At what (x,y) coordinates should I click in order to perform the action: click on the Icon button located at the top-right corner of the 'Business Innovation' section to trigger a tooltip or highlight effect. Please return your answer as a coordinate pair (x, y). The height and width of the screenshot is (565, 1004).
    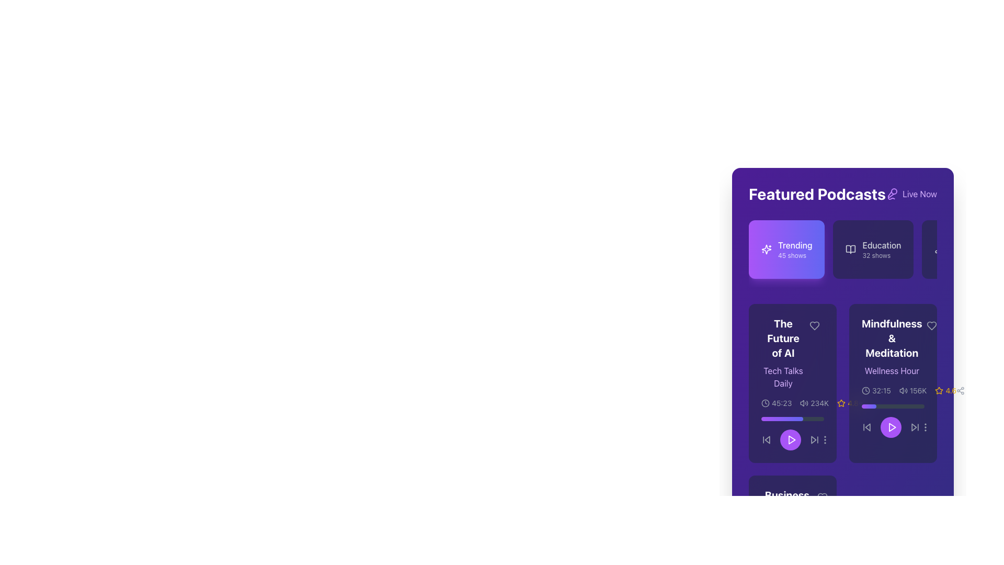
    Looking at the image, I should click on (822, 497).